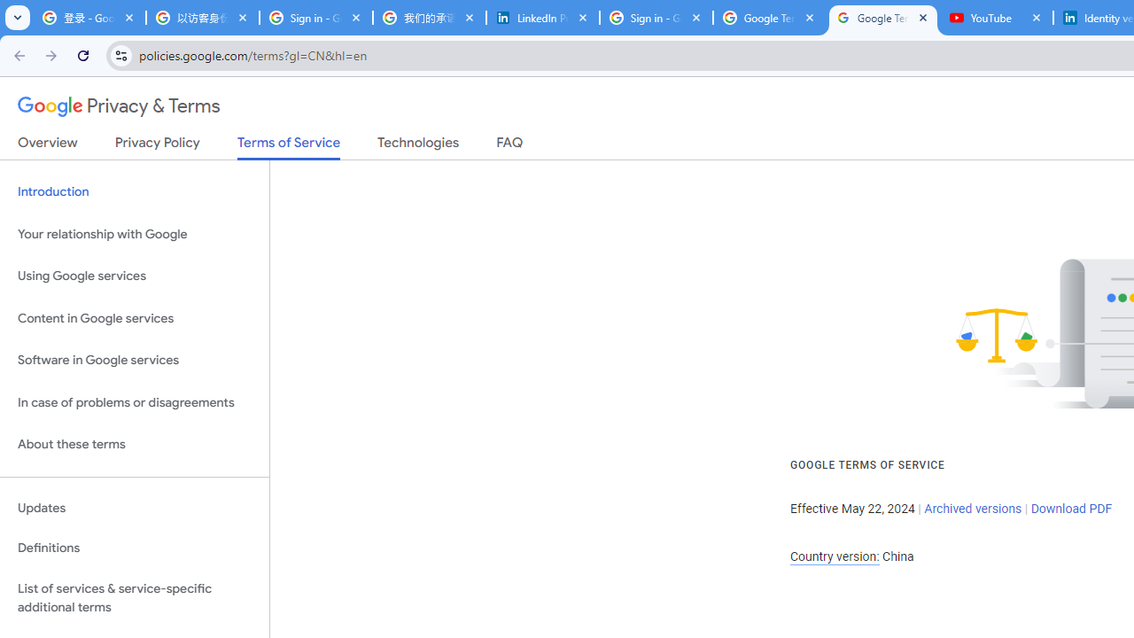 This screenshot has width=1134, height=638. Describe the element at coordinates (134, 598) in the screenshot. I see `'List of services & service-specific additional terms'` at that location.